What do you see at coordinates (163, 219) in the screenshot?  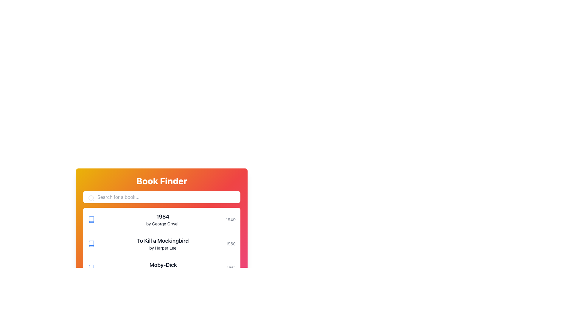 I see `the book listing entry for '1984' by George Orwell` at bounding box center [163, 219].